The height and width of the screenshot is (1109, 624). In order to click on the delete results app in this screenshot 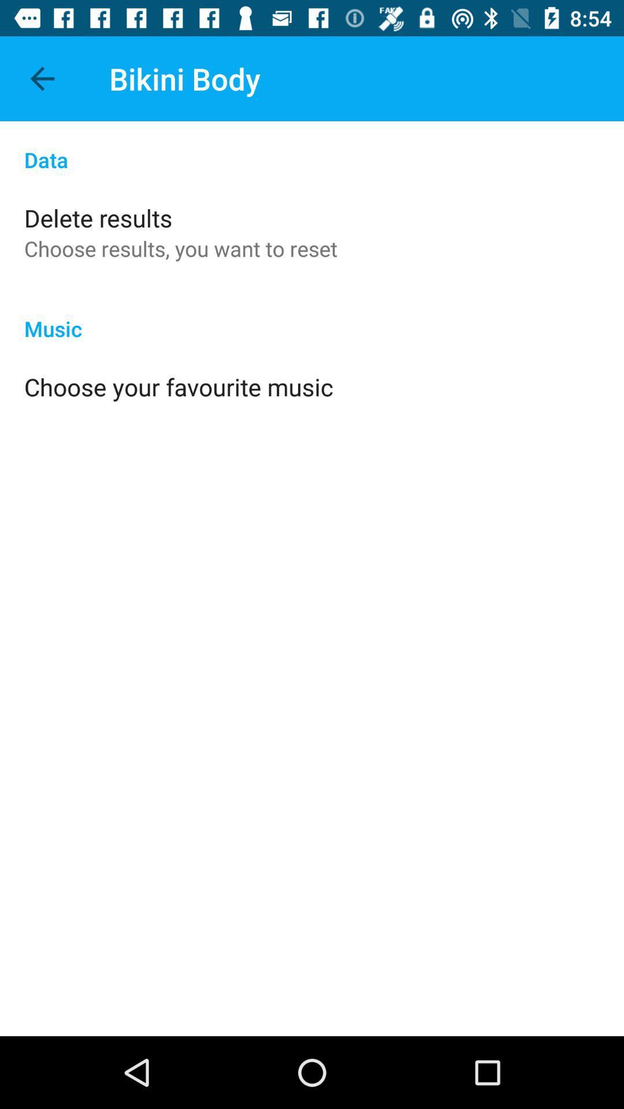, I will do `click(98, 218)`.